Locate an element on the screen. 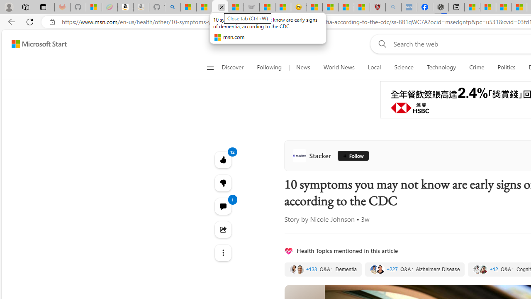 The image size is (531, 299). 'Open navigation menu' is located at coordinates (210, 67).